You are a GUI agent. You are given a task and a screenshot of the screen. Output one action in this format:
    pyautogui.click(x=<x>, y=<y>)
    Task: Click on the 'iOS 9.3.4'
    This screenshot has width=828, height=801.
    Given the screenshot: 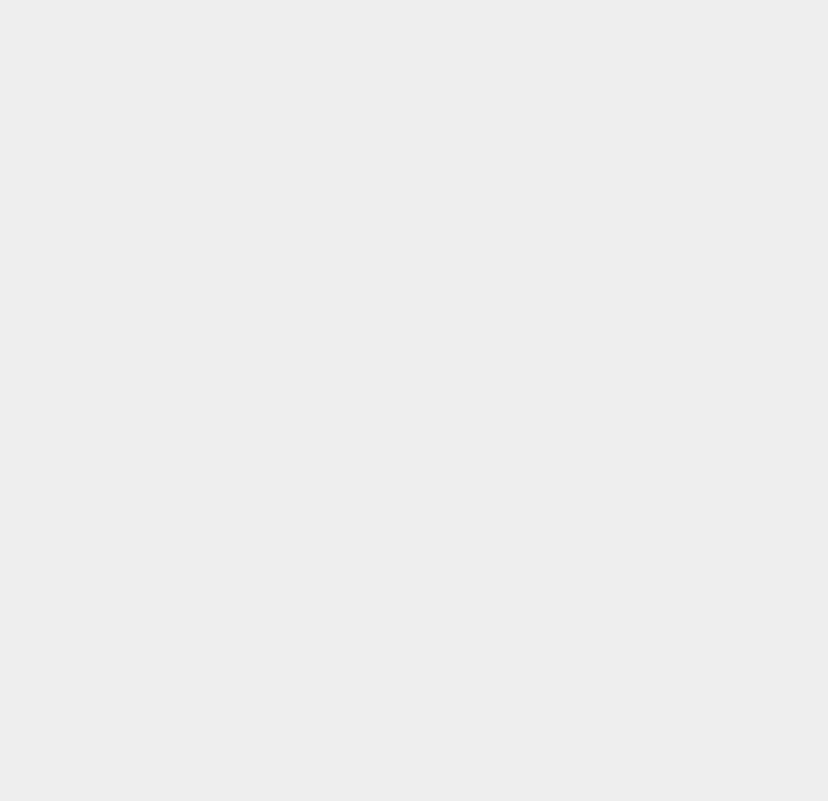 What is the action you would take?
    pyautogui.click(x=586, y=330)
    